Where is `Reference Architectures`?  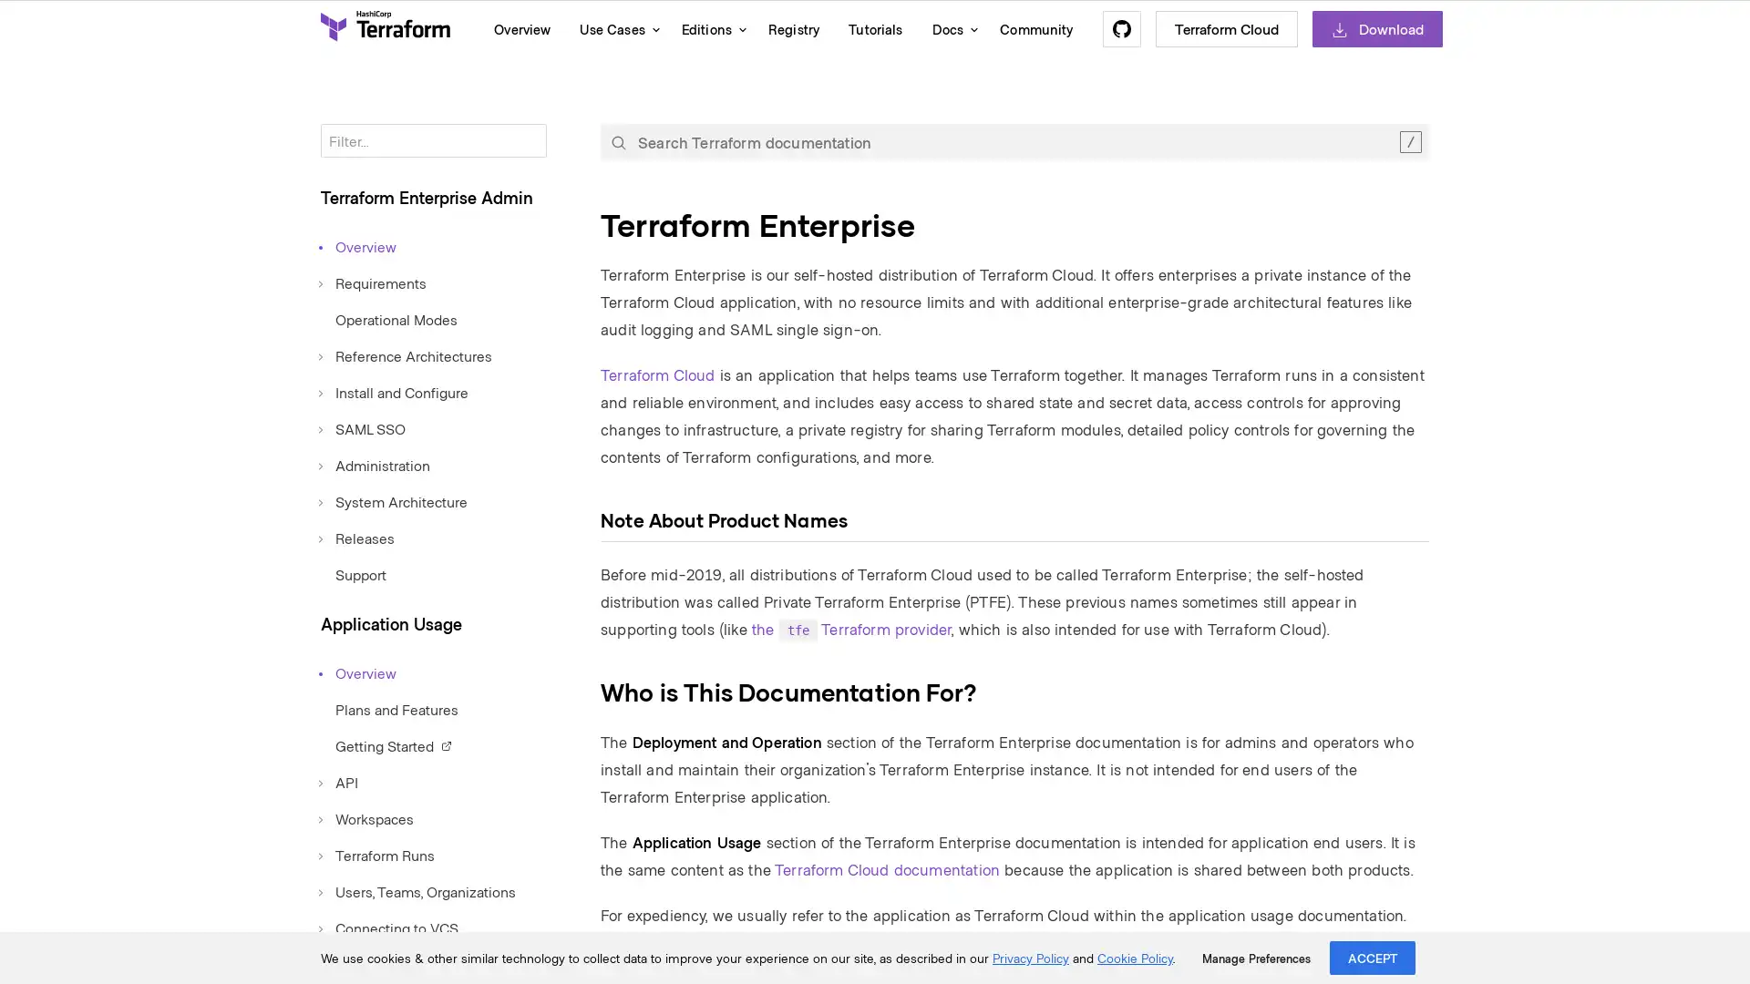
Reference Architectures is located at coordinates (406, 354).